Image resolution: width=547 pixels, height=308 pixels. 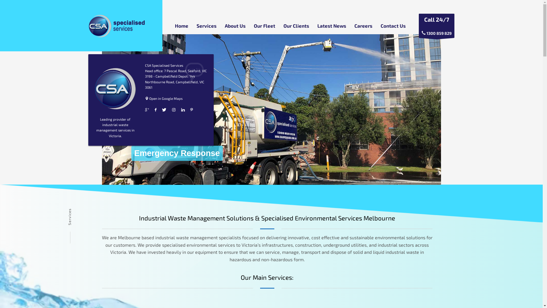 What do you see at coordinates (183, 110) in the screenshot?
I see `'CSA Specialised Inkedin'` at bounding box center [183, 110].